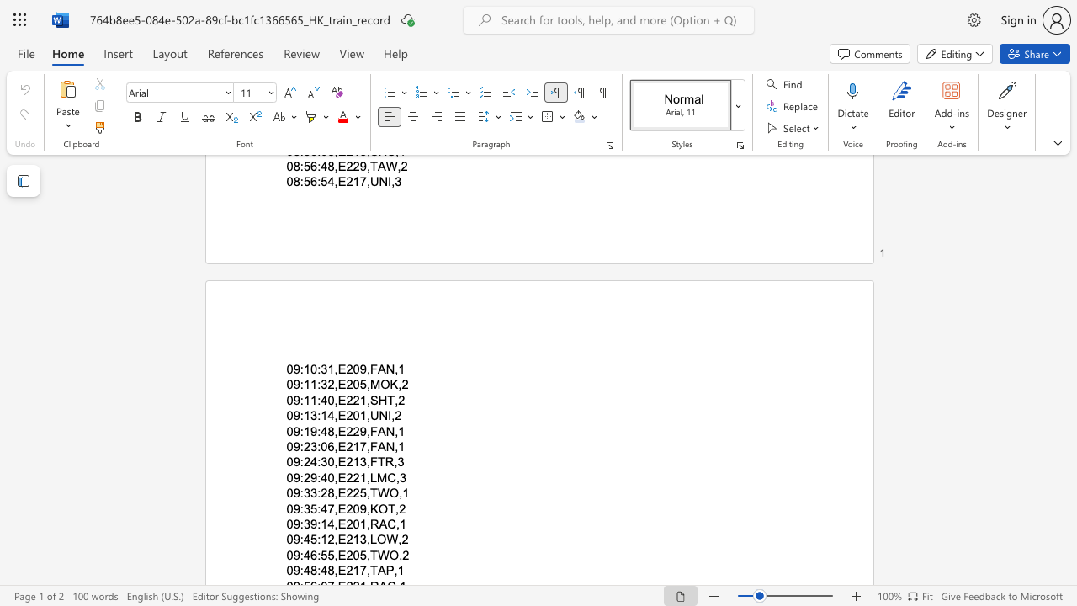  What do you see at coordinates (333, 416) in the screenshot?
I see `the space between the continuous character "4" and "," in the text` at bounding box center [333, 416].